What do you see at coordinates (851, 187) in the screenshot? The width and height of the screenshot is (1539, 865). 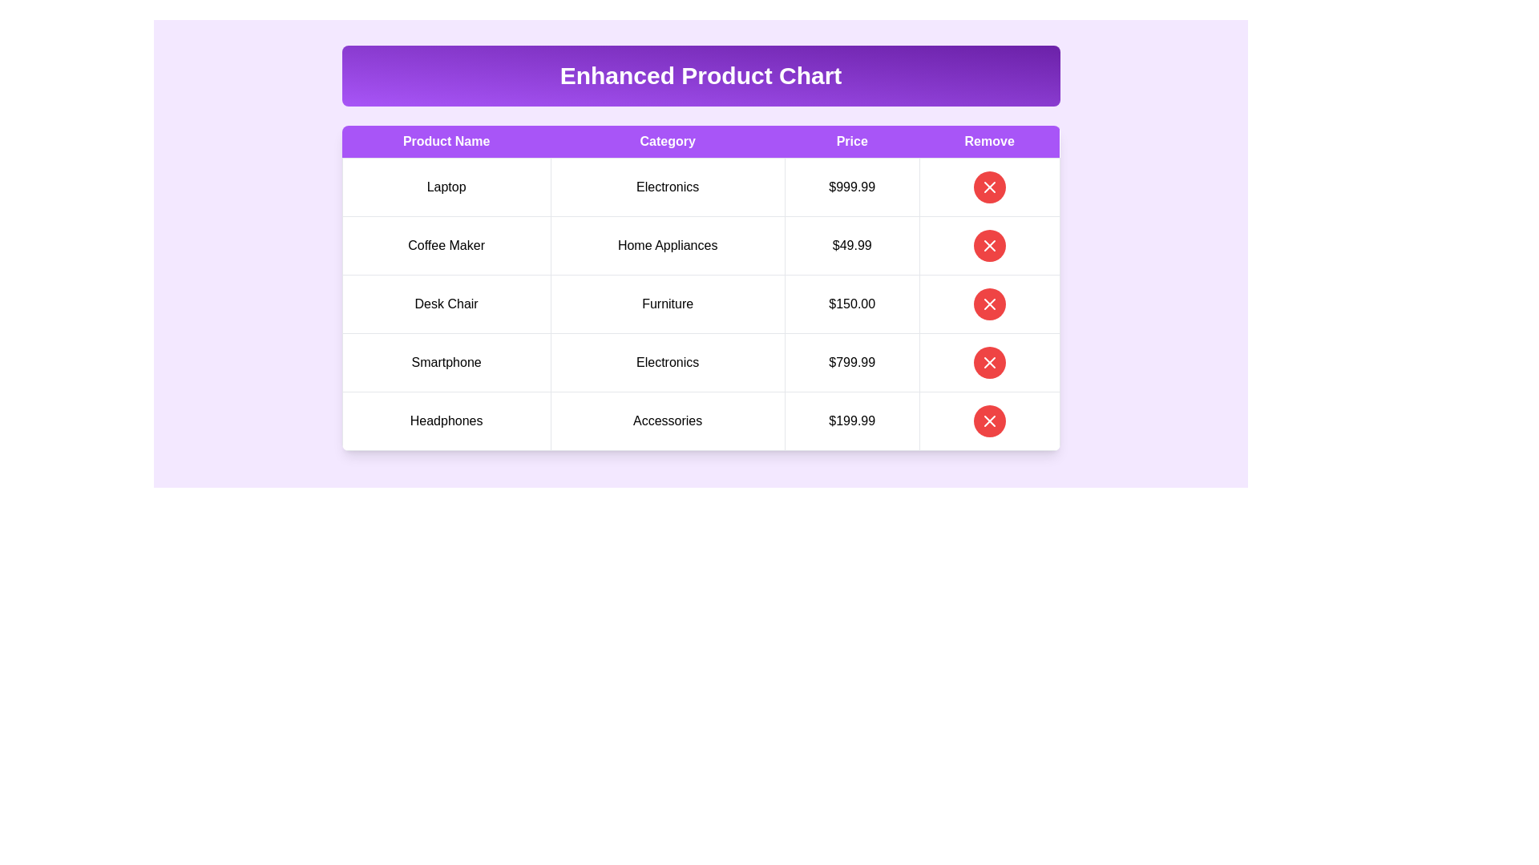 I see `the Text Label displaying the price of the product 'Laptop', located in the third column of the first row under the 'Price' header` at bounding box center [851, 187].